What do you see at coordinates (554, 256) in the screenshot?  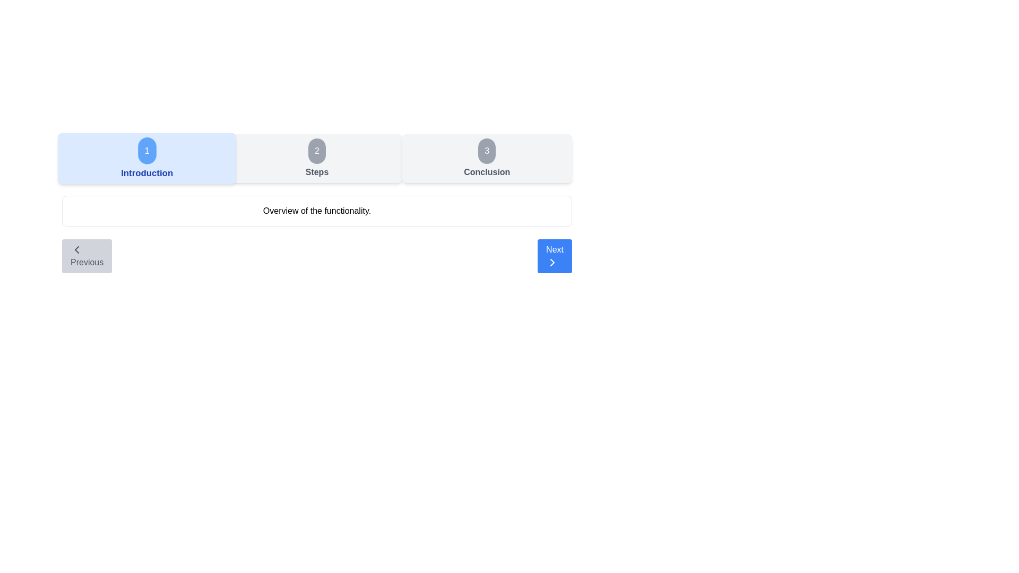 I see `the Next button to navigate` at bounding box center [554, 256].